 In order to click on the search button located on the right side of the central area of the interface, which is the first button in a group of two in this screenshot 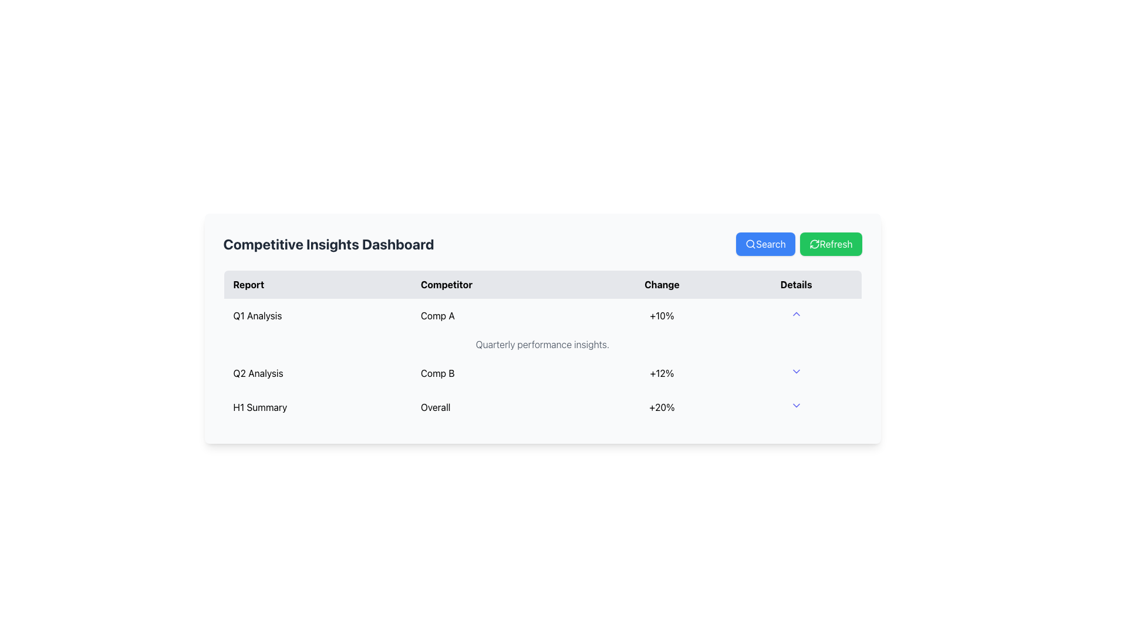, I will do `click(765, 244)`.